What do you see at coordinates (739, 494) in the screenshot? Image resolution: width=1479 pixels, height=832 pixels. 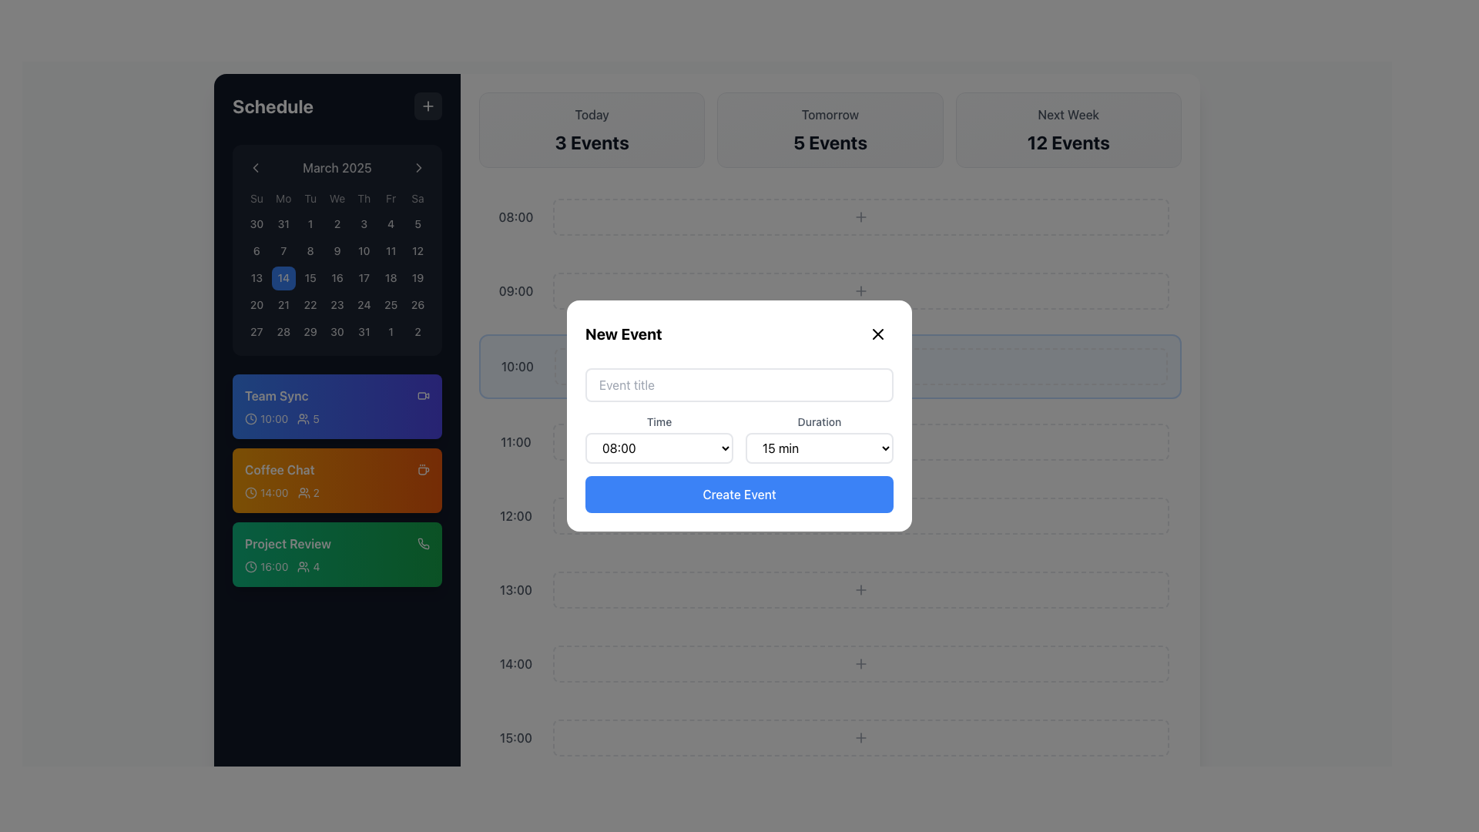 I see `the 'Create Event' button, which is a horizontally aligned button with a blue background located at the bottom of the 'New Event' modal dialog, to observe the color change` at bounding box center [739, 494].